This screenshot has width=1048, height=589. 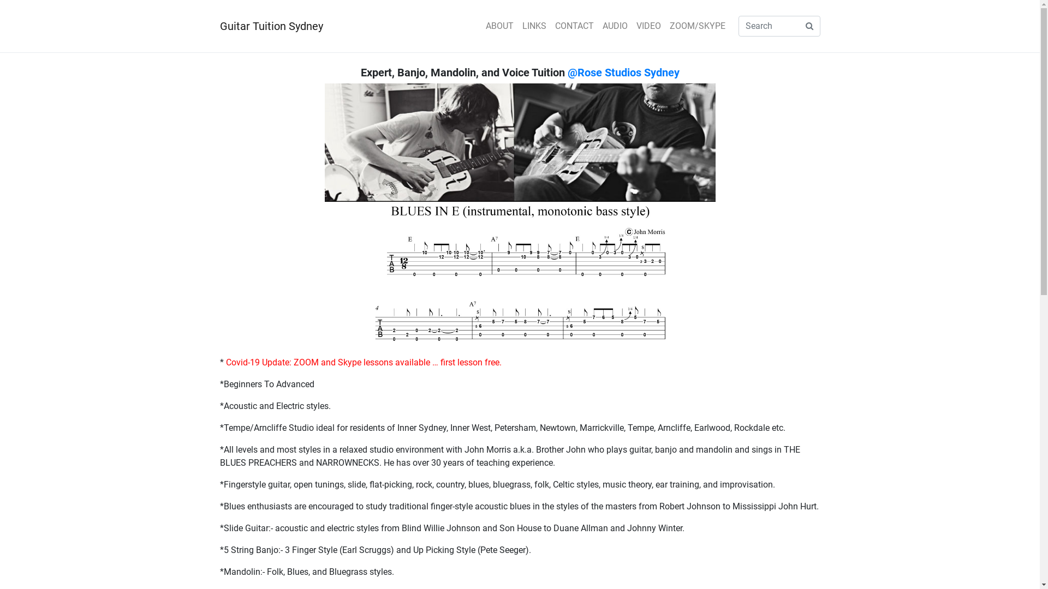 What do you see at coordinates (568, 72) in the screenshot?
I see `'@Rose Studios Sydney'` at bounding box center [568, 72].